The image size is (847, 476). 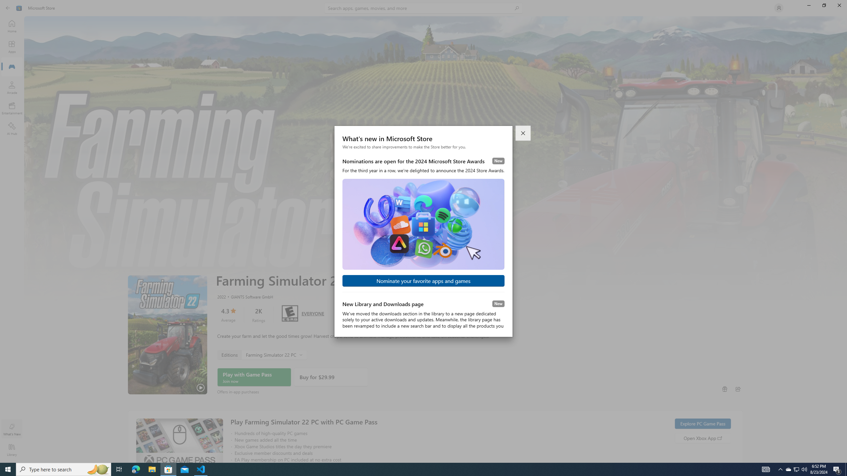 I want to click on 'Open Xbox App', so click(x=702, y=438).